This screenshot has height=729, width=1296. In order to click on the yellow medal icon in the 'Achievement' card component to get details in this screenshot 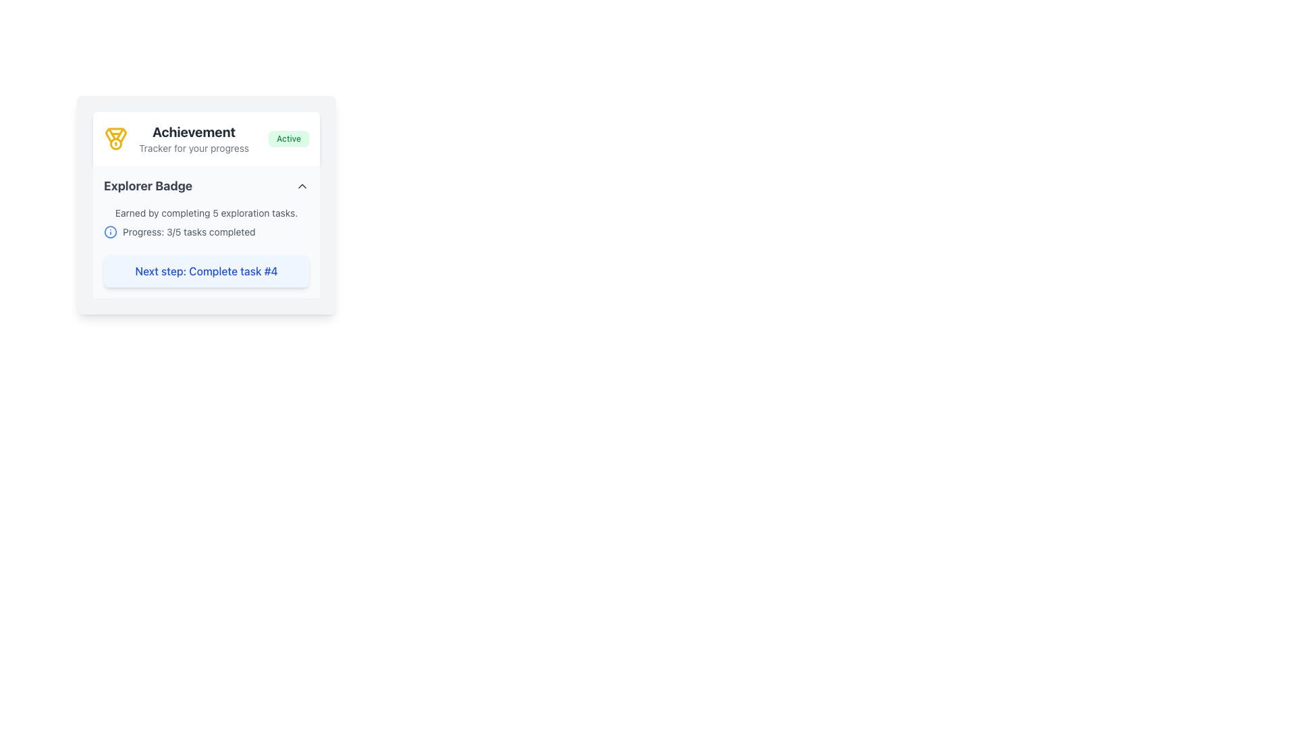, I will do `click(206, 205)`.